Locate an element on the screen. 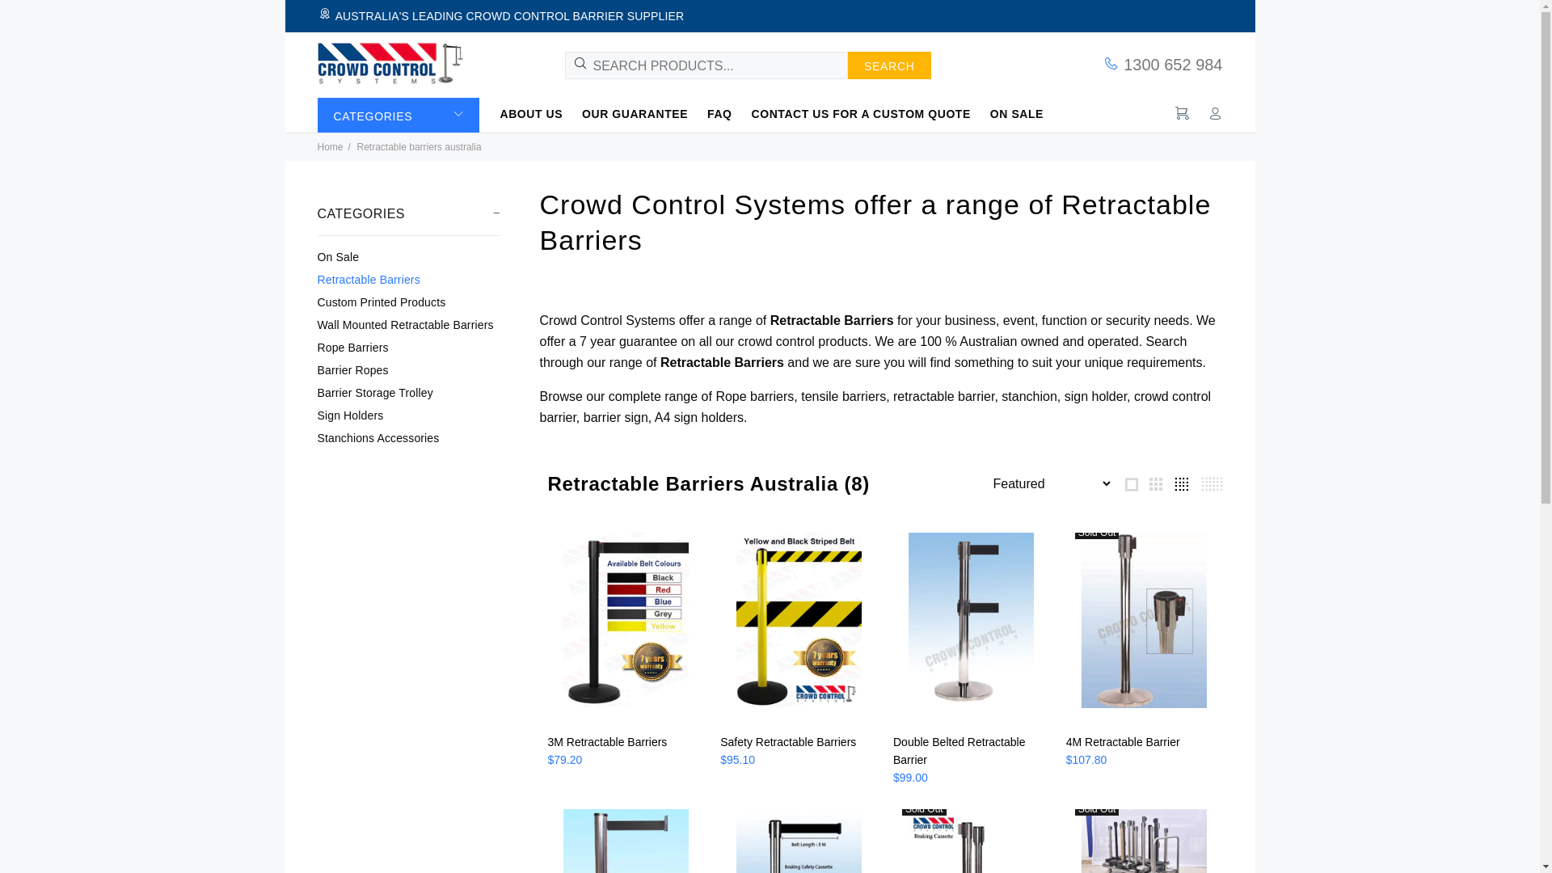  'CONTACT US FOR A CUSTOM QUOTE' is located at coordinates (860, 112).